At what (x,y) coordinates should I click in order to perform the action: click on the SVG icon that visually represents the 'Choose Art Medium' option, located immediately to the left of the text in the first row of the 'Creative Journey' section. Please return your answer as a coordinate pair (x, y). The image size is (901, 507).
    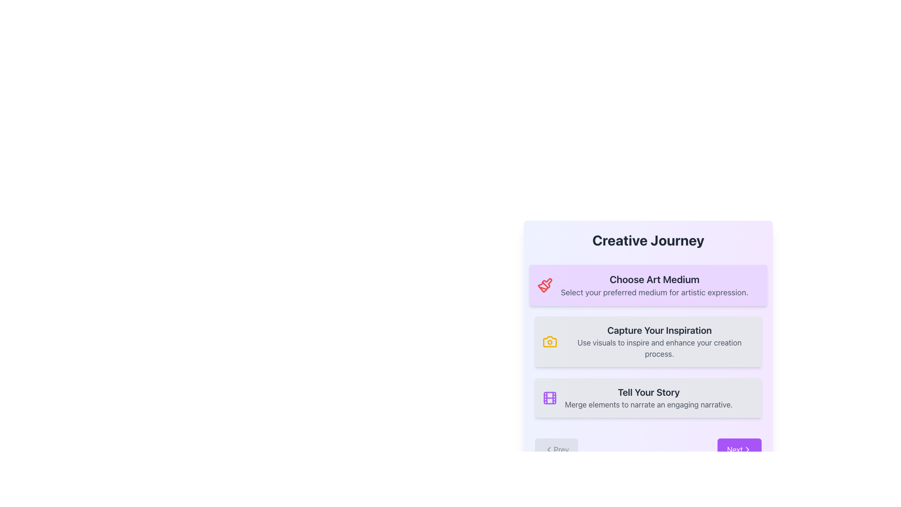
    Looking at the image, I should click on (547, 283).